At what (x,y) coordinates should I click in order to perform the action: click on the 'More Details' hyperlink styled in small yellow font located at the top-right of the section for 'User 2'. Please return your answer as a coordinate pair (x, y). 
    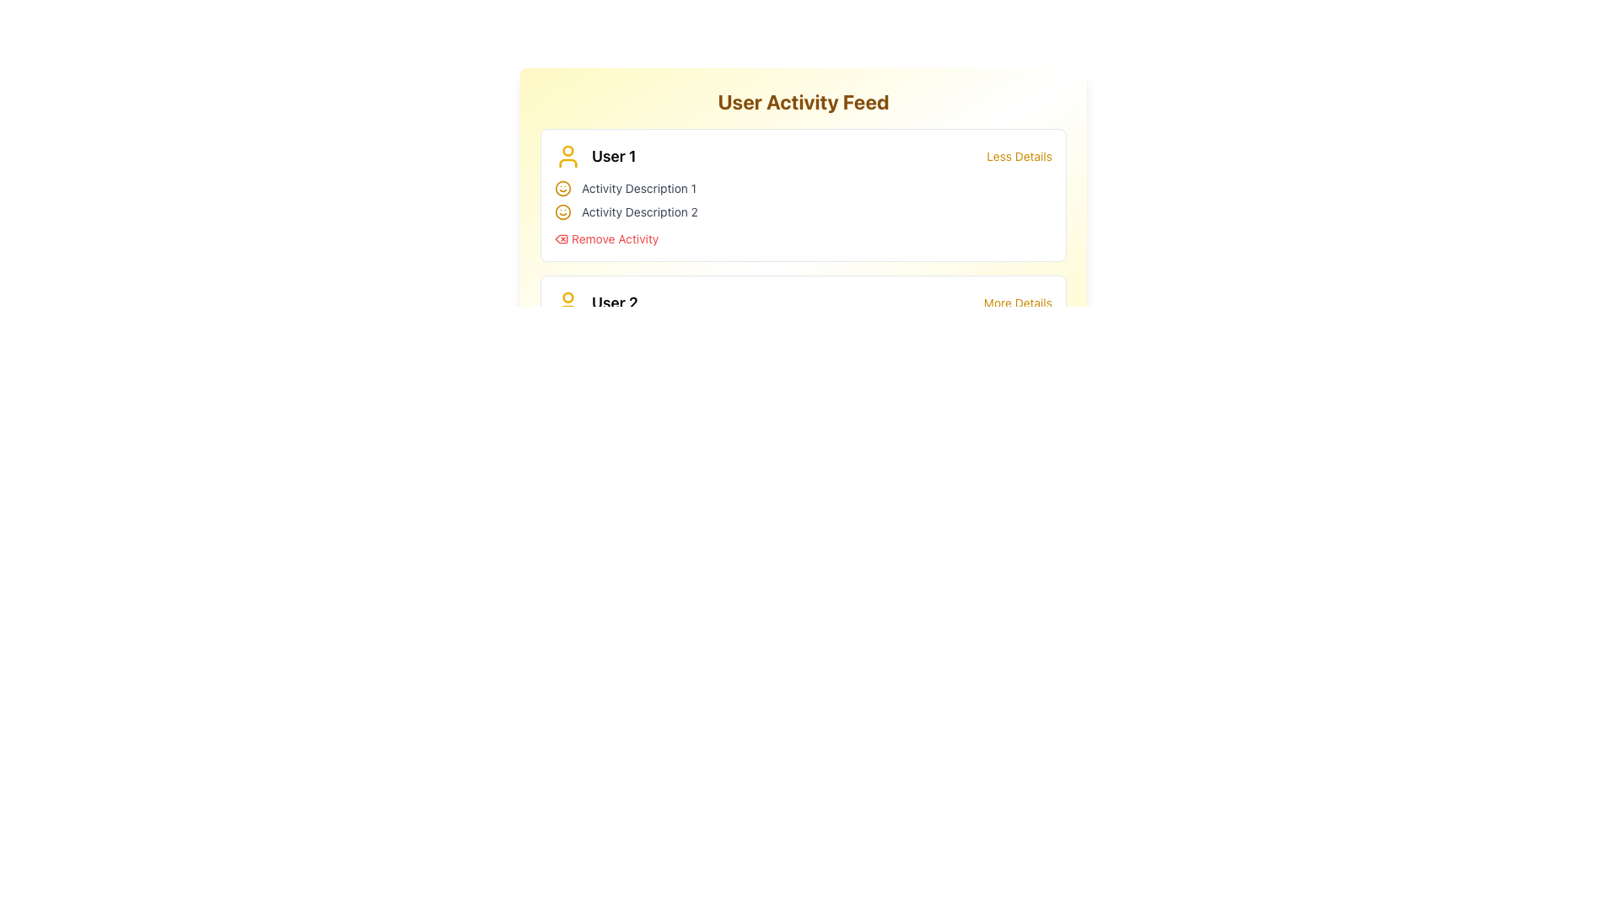
    Looking at the image, I should click on (1017, 302).